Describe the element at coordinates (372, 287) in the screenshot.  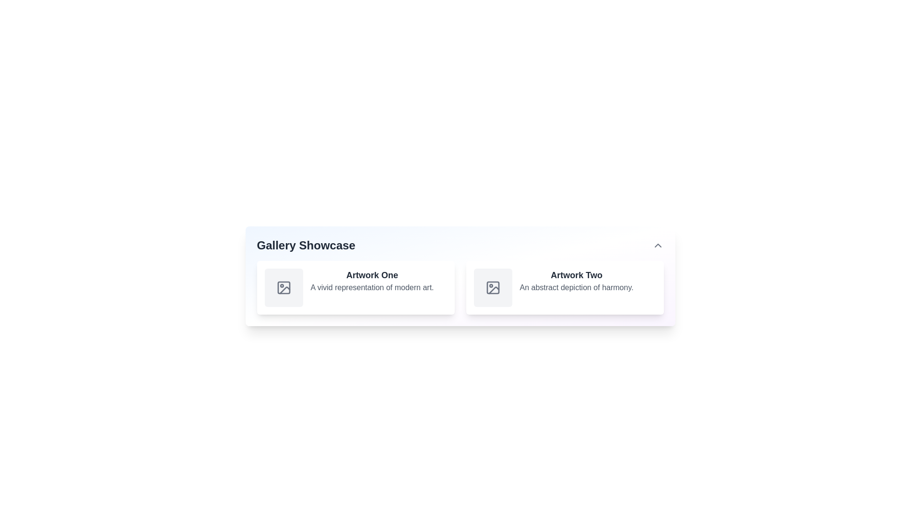
I see `text in the Text Block located directly below the title 'Artwork One' in the card` at that location.